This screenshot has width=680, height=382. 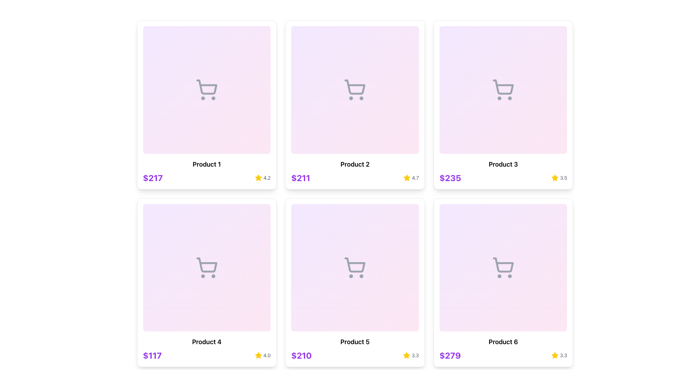 What do you see at coordinates (152, 355) in the screenshot?
I see `the price label displaying '$117' in bold purple text located at the bottom-left corner of the product card for 'Product 4'` at bounding box center [152, 355].